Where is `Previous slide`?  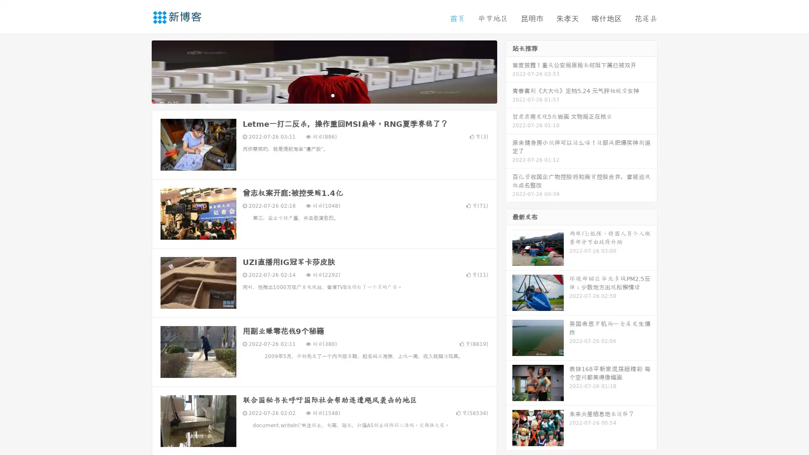
Previous slide is located at coordinates (139, 71).